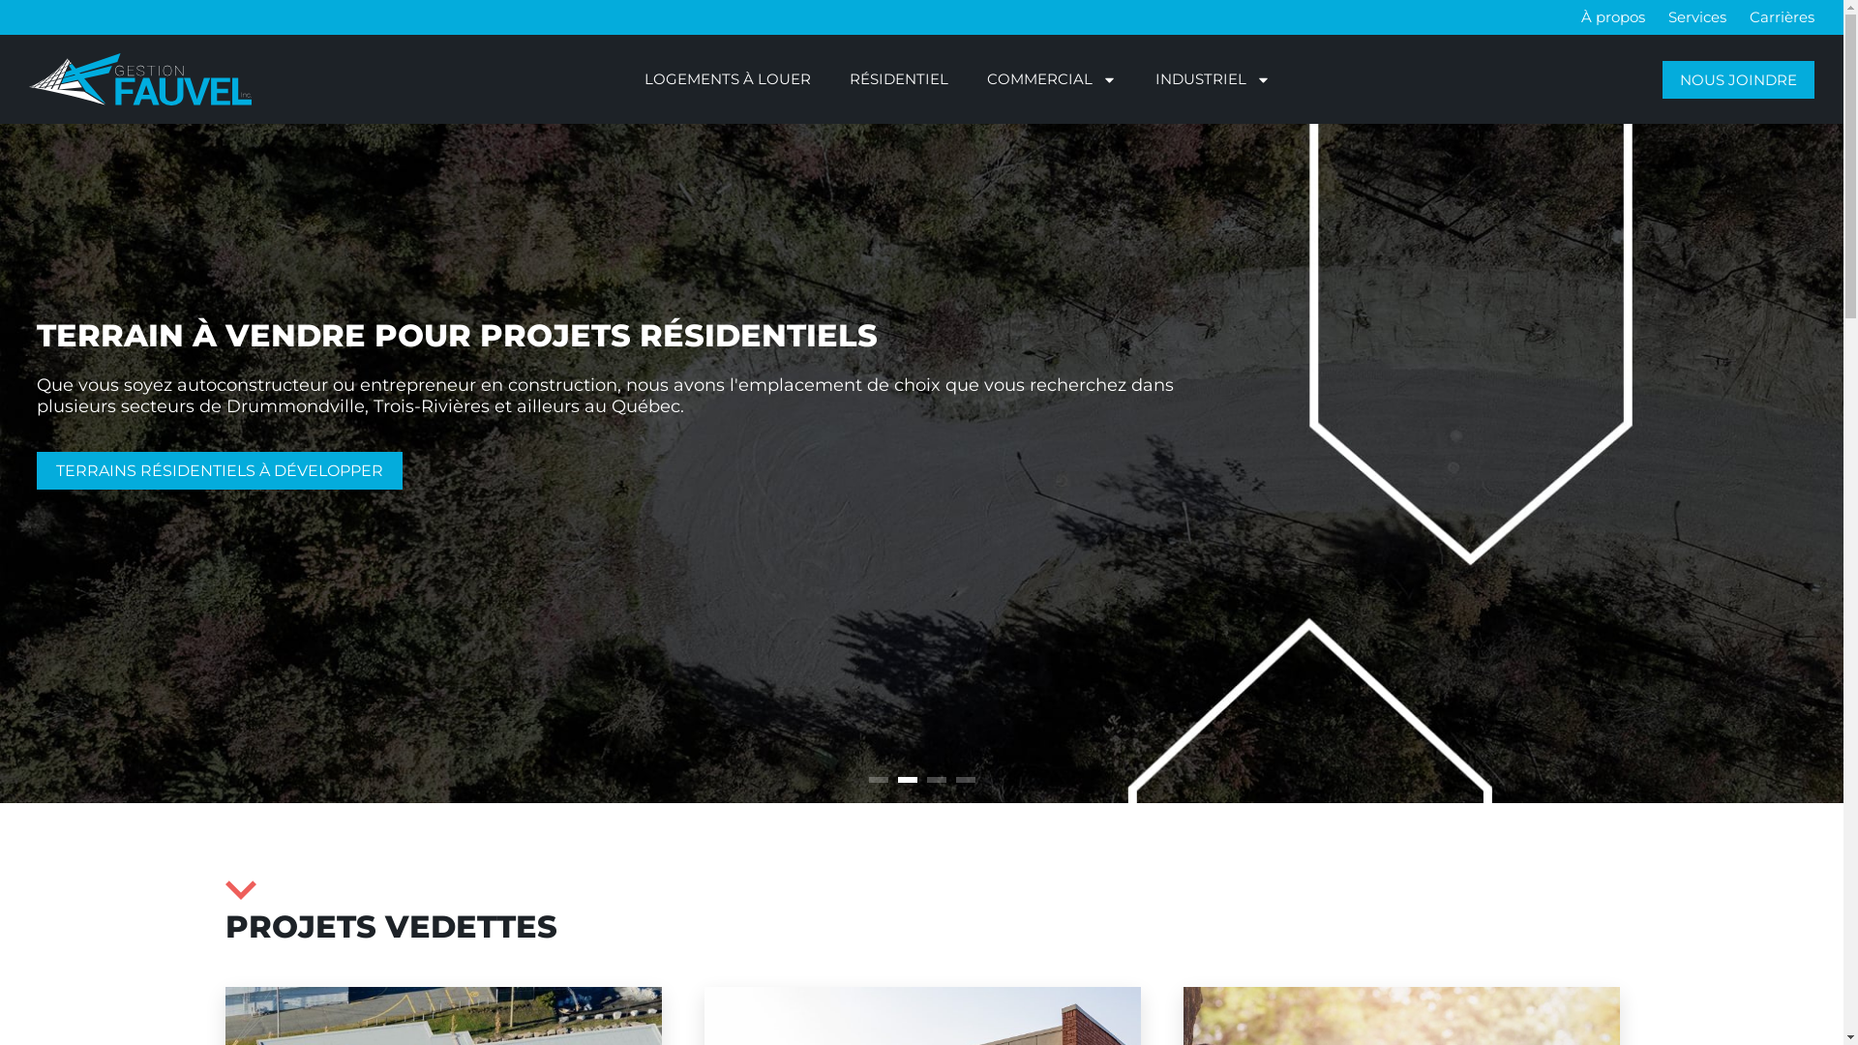  I want to click on '3', so click(937, 779).